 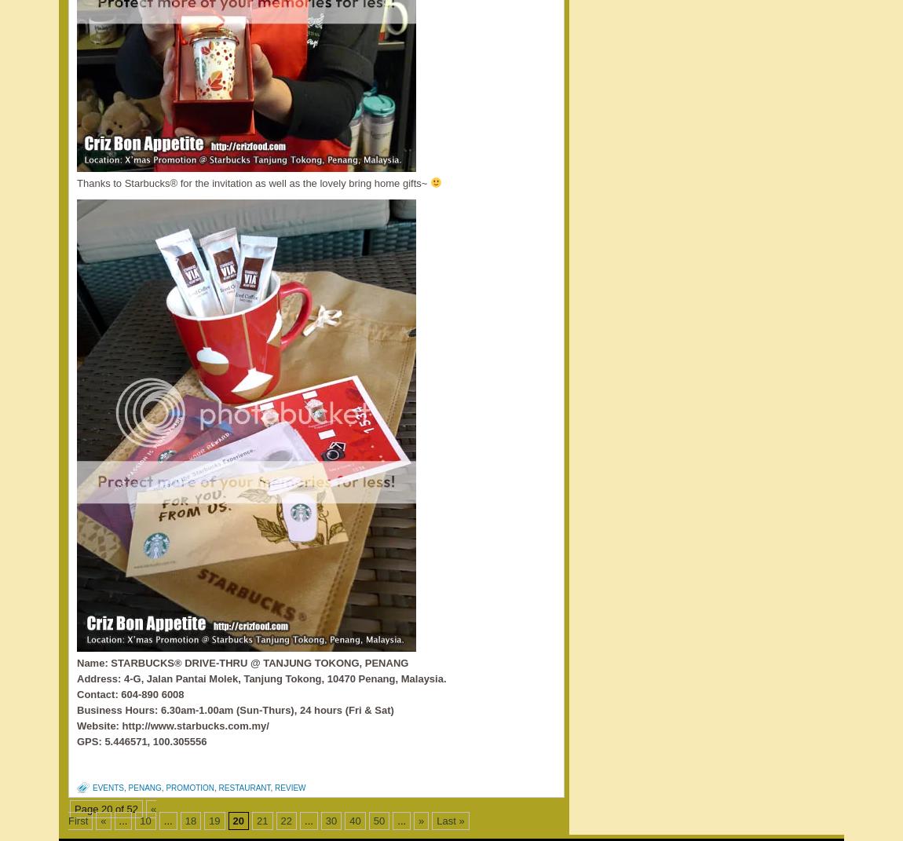 What do you see at coordinates (254, 183) in the screenshot?
I see `'Thanks to Starbucks® for the invitation as well as the lovely bring home gifts~'` at bounding box center [254, 183].